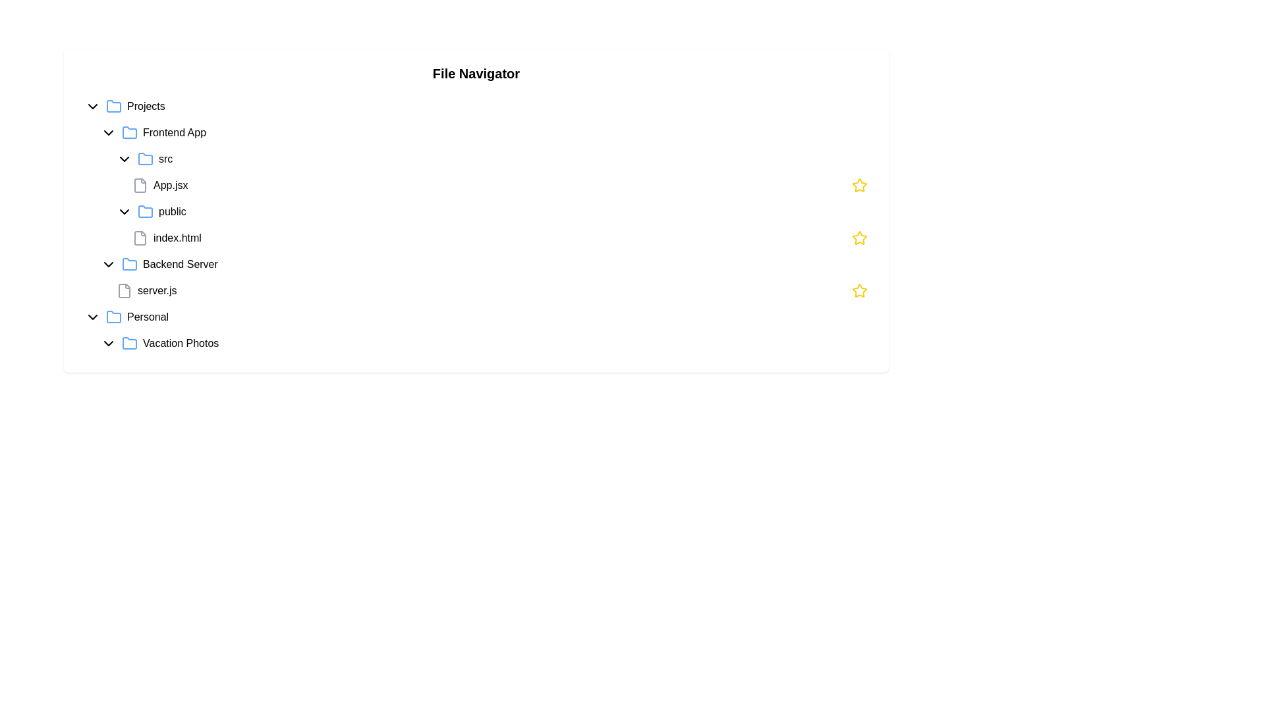 The image size is (1265, 711). What do you see at coordinates (124, 290) in the screenshot?
I see `the file icon representing 'server.js', which is a light gray document icon with a fold at the top right corner, located in the file navigation panel` at bounding box center [124, 290].